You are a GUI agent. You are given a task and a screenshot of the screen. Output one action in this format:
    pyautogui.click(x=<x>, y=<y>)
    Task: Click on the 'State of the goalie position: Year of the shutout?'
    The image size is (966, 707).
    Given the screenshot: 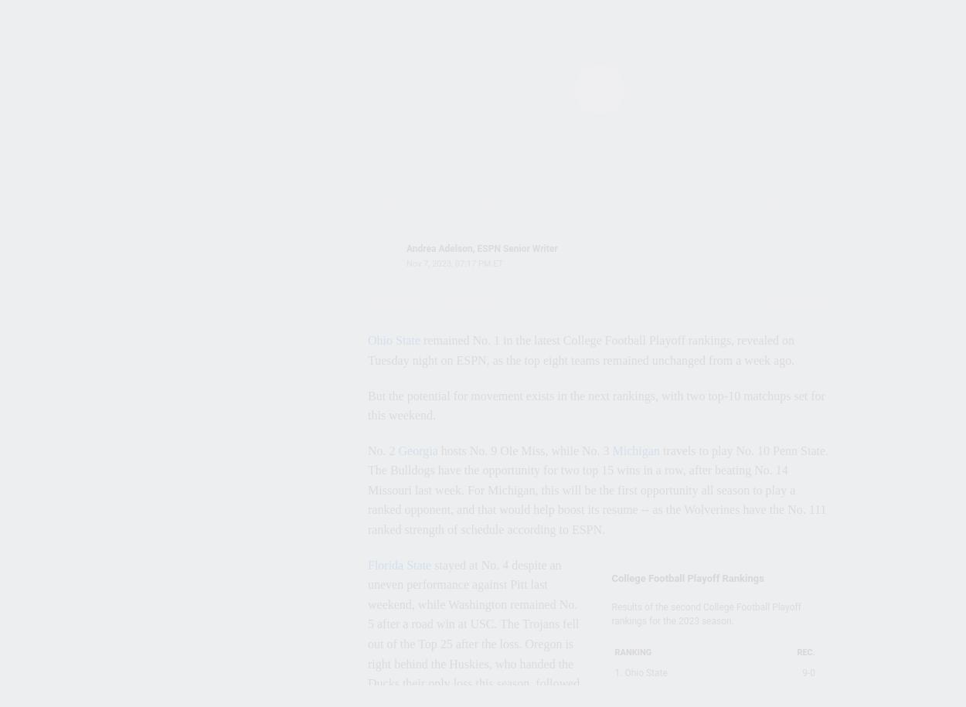 What is the action you would take?
    pyautogui.click(x=121, y=173)
    